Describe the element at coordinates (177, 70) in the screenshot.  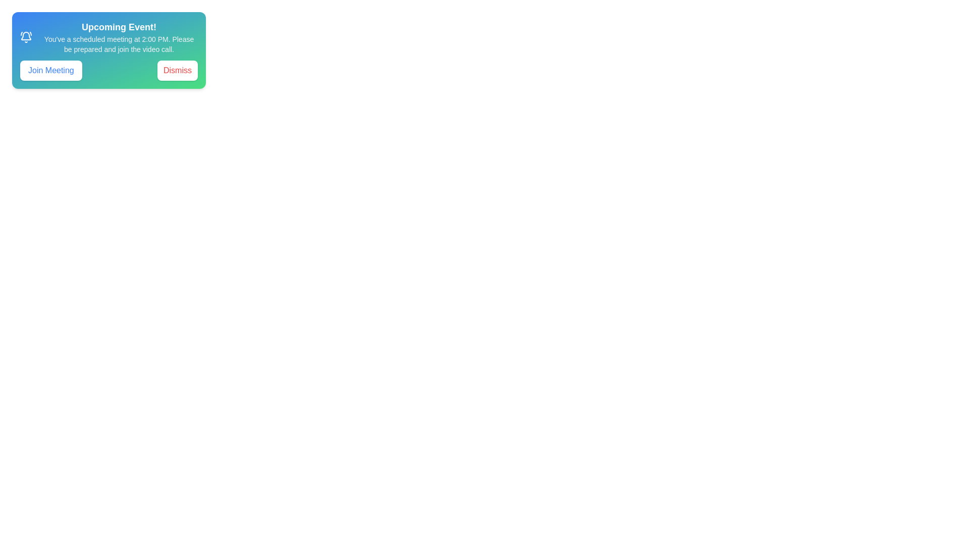
I see `the 'Dismiss' button to dismiss the reminder` at that location.